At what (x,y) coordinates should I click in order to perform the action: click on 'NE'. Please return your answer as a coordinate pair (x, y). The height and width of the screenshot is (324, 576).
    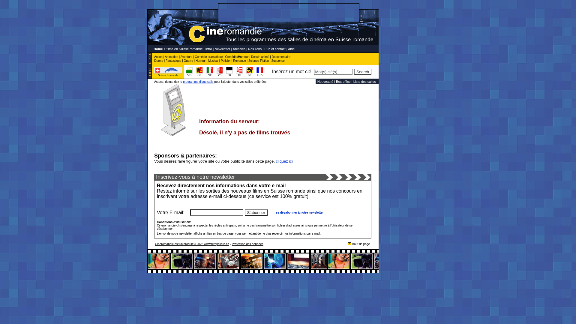
    Looking at the image, I should click on (210, 73).